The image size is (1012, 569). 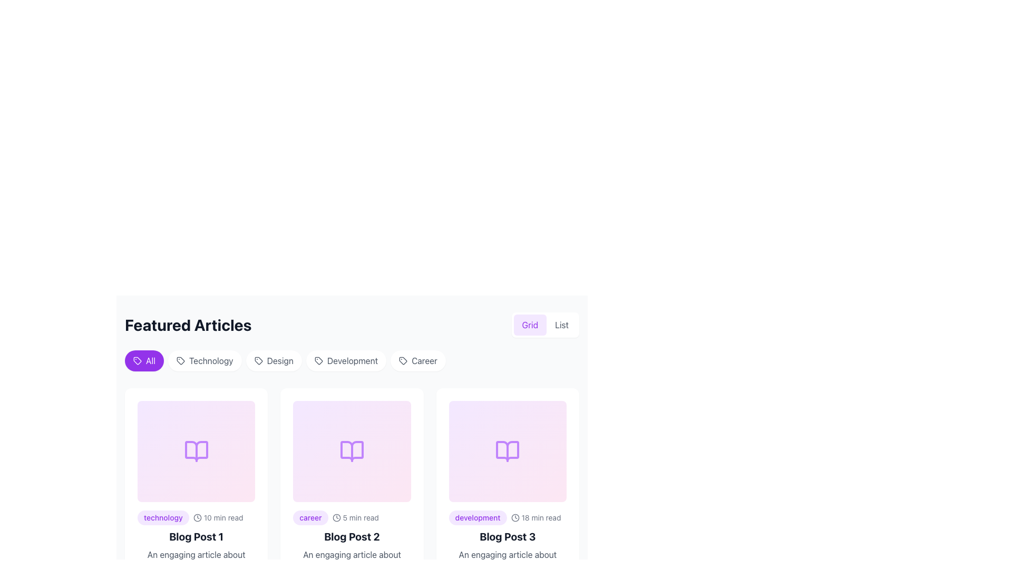 I want to click on the purple tag icon labeled 'All' located in the top-left section under the 'Featured Articles' heading, so click(x=137, y=360).